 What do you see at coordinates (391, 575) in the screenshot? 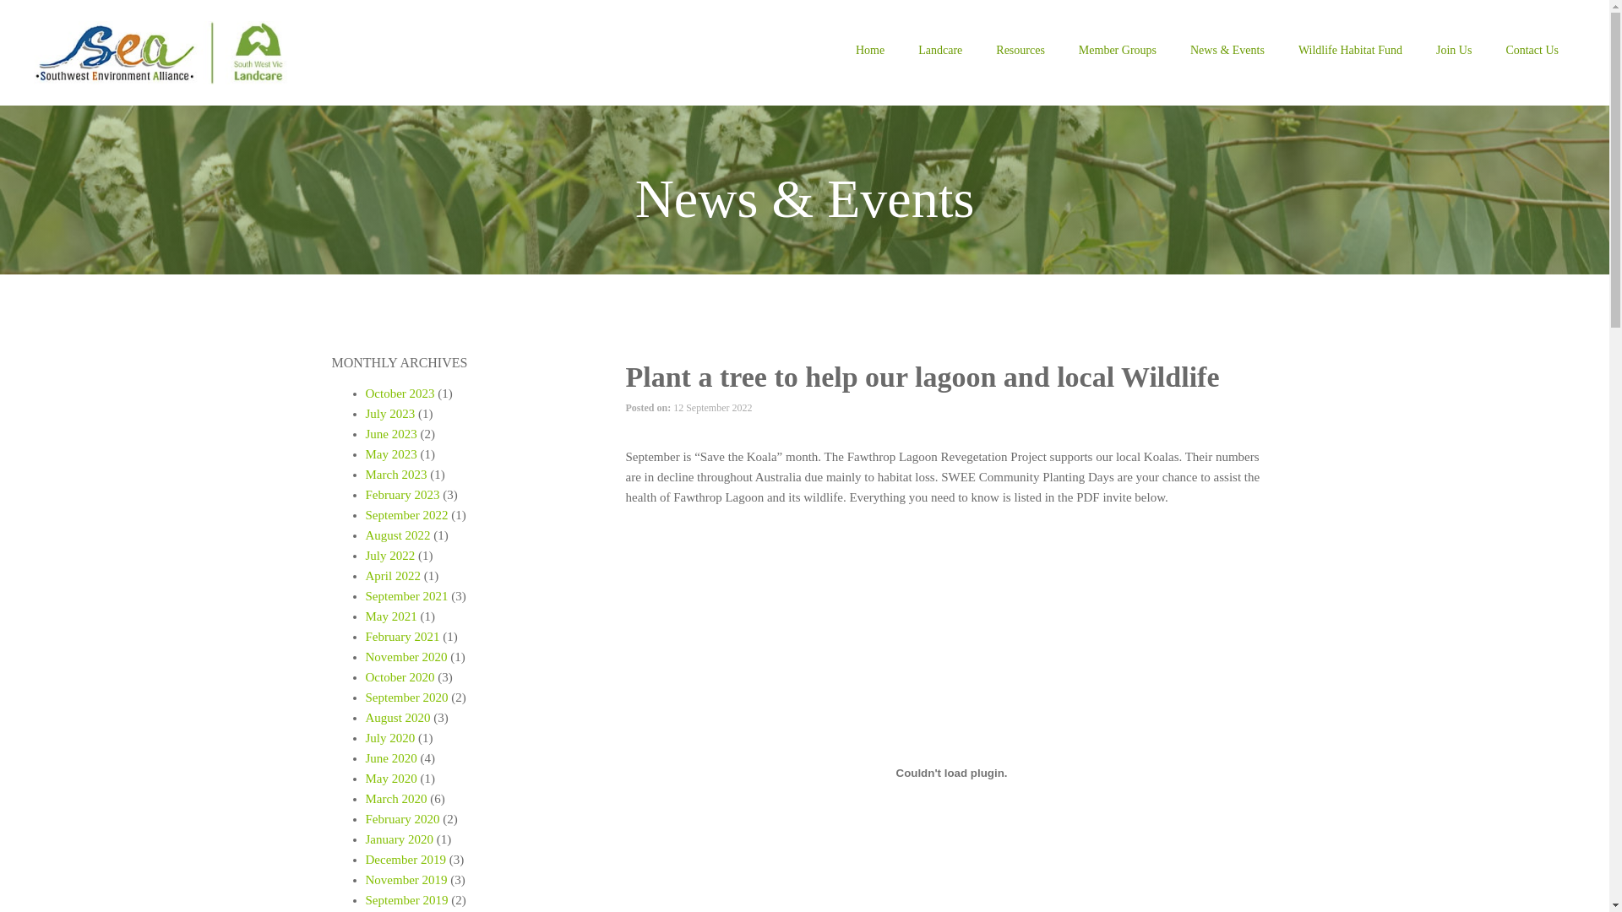
I see `'April 2022'` at bounding box center [391, 575].